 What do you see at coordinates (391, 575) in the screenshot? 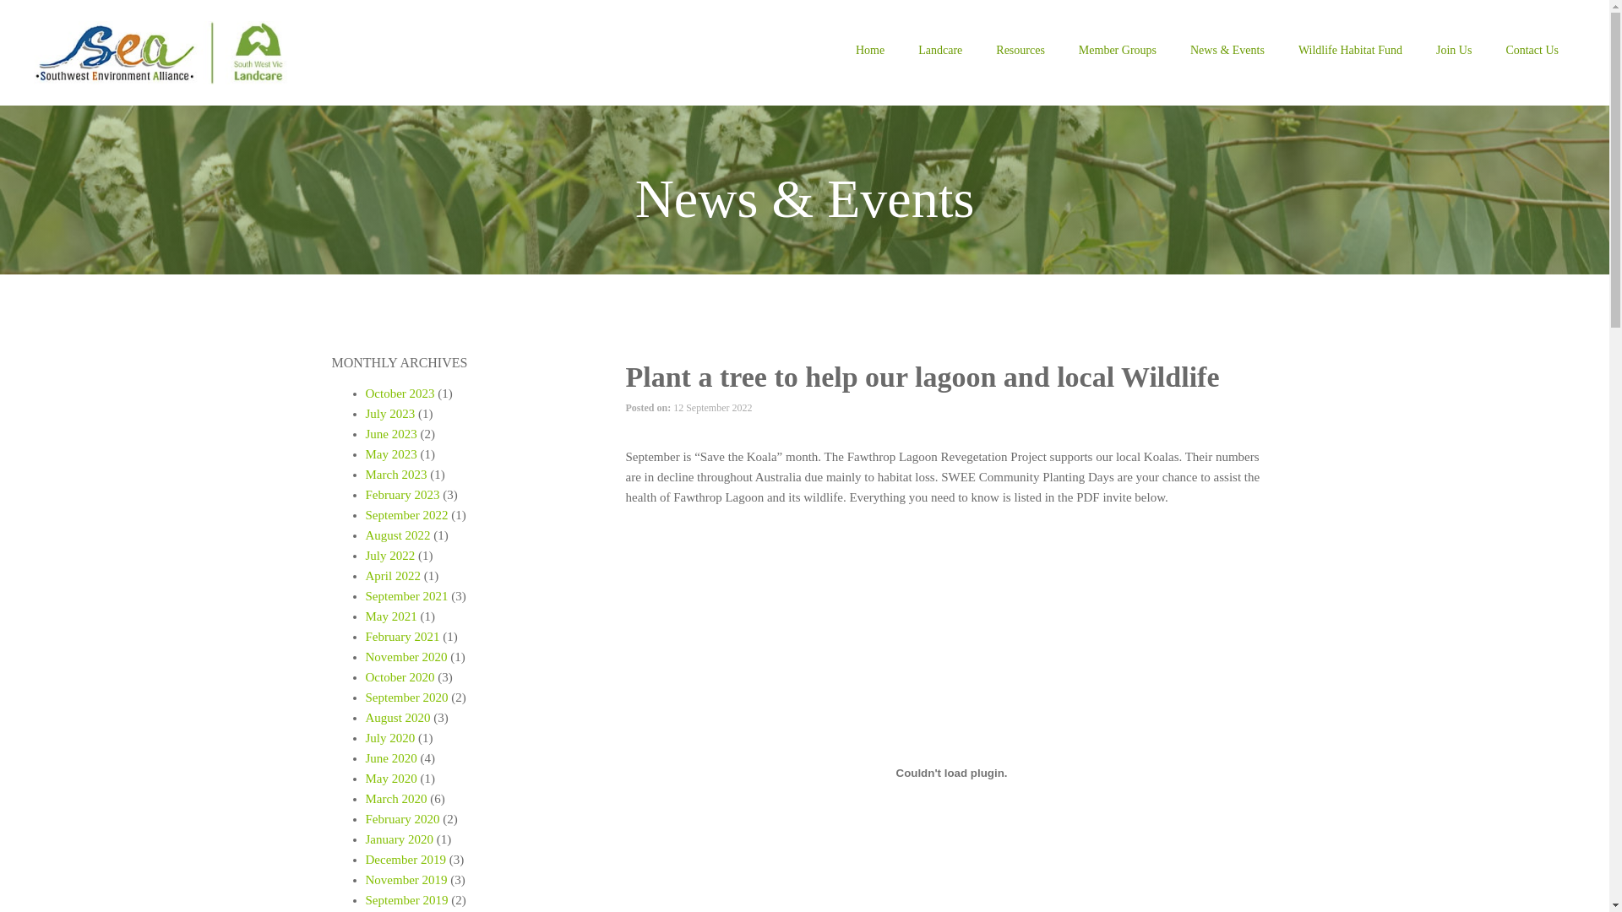
I see `'April 2022'` at bounding box center [391, 575].